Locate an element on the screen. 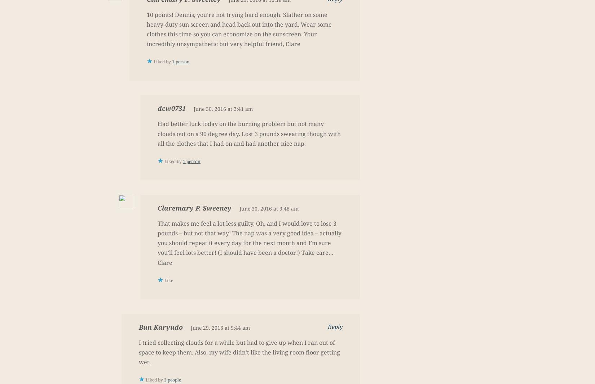  'June 29, 2016 at 9:44 am' is located at coordinates (220, 327).